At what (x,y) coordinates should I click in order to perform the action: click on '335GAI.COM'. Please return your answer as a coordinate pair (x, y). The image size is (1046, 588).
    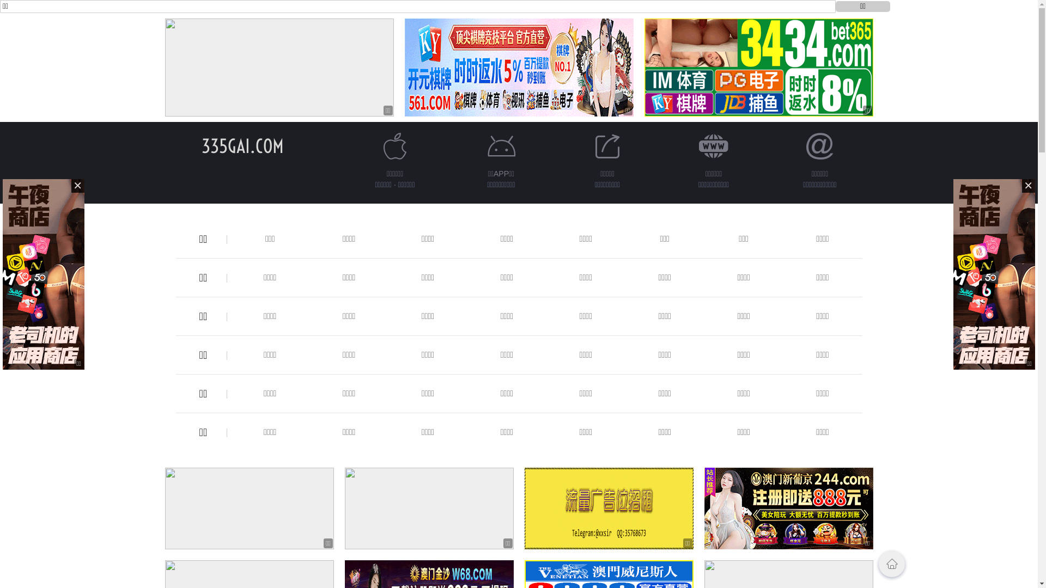
    Looking at the image, I should click on (242, 145).